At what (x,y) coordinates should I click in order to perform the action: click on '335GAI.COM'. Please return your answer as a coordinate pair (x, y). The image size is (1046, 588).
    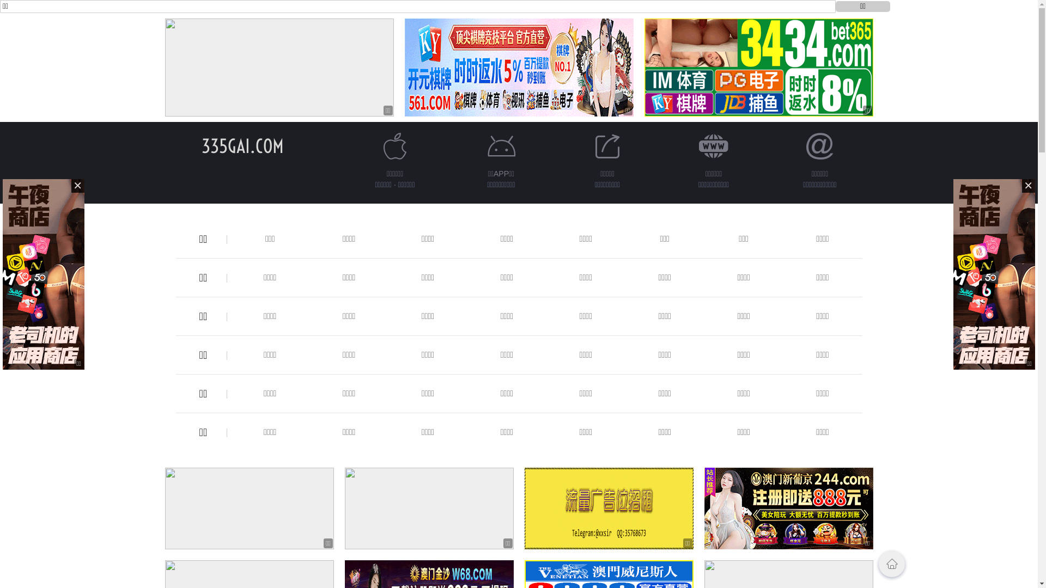
    Looking at the image, I should click on (242, 145).